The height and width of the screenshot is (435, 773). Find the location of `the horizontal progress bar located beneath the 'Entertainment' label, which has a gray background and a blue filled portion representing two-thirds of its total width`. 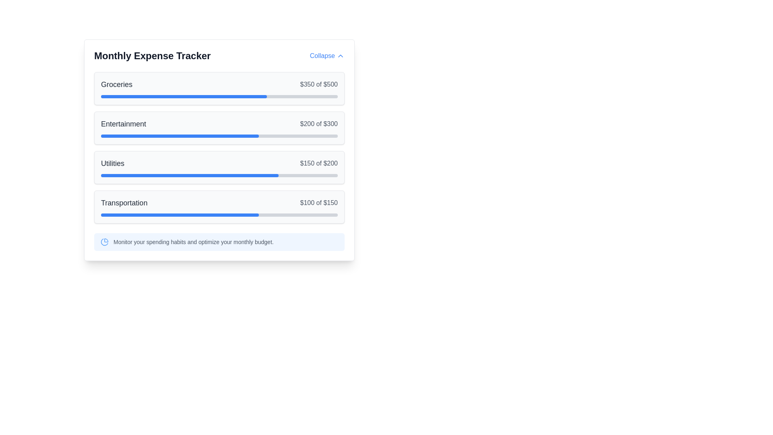

the horizontal progress bar located beneath the 'Entertainment' label, which has a gray background and a blue filled portion representing two-thirds of its total width is located at coordinates (219, 136).